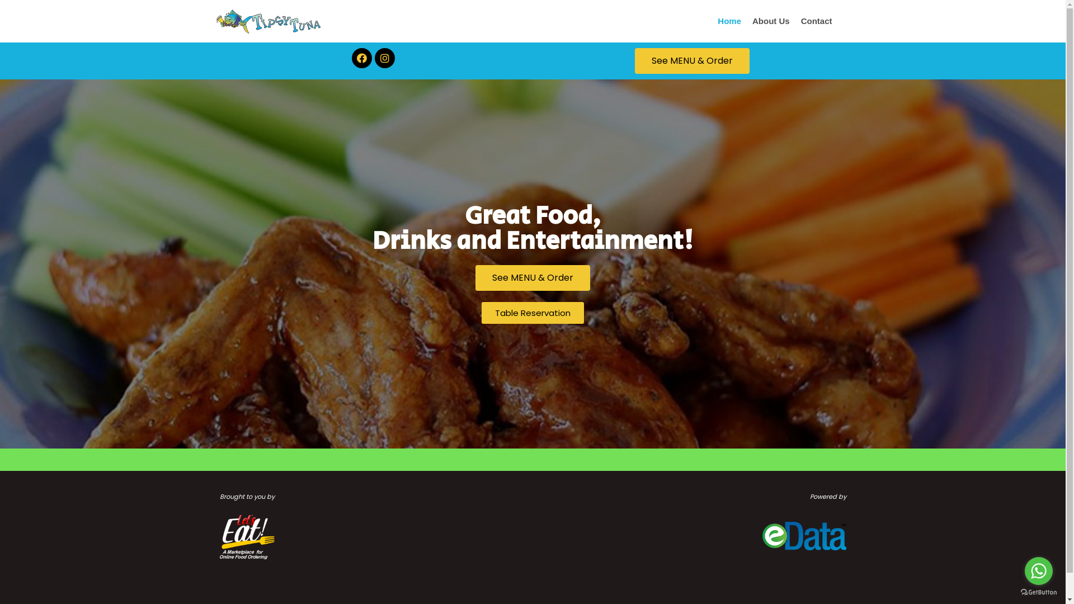 Image resolution: width=1074 pixels, height=604 pixels. Describe the element at coordinates (770, 21) in the screenshot. I see `'About Us'` at that location.